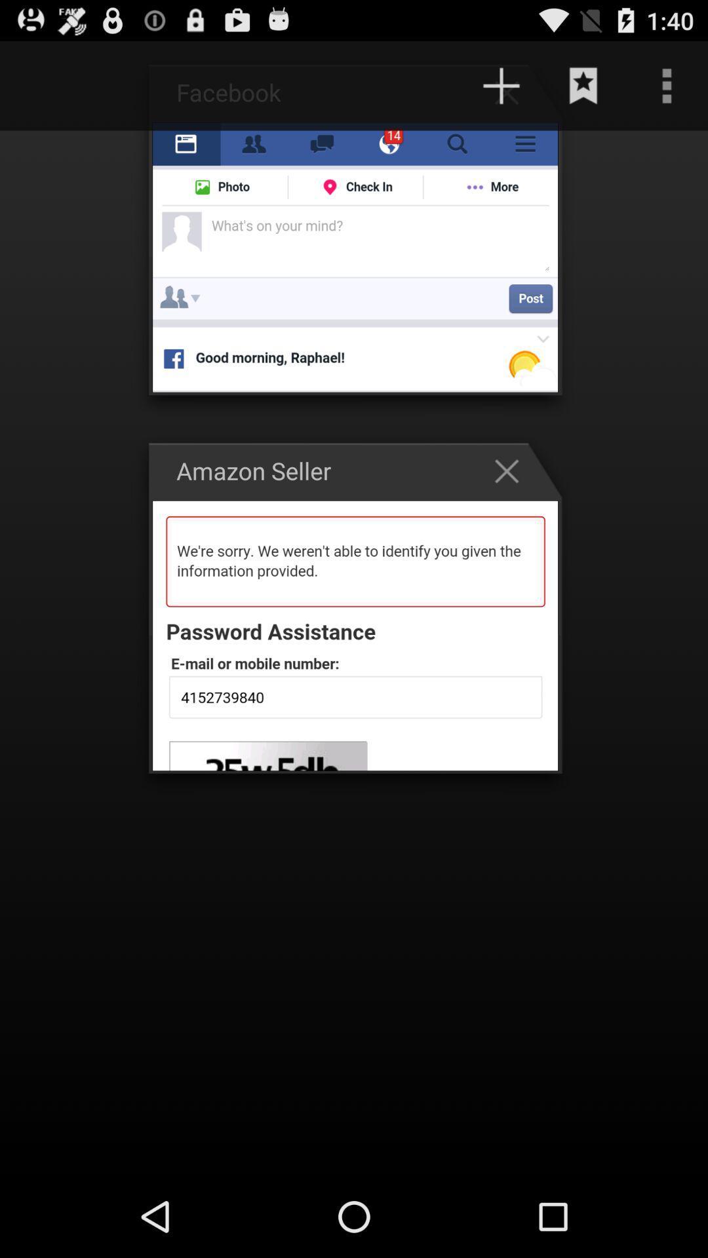 Image resolution: width=708 pixels, height=1258 pixels. Describe the element at coordinates (501, 91) in the screenshot. I see `the add icon` at that location.